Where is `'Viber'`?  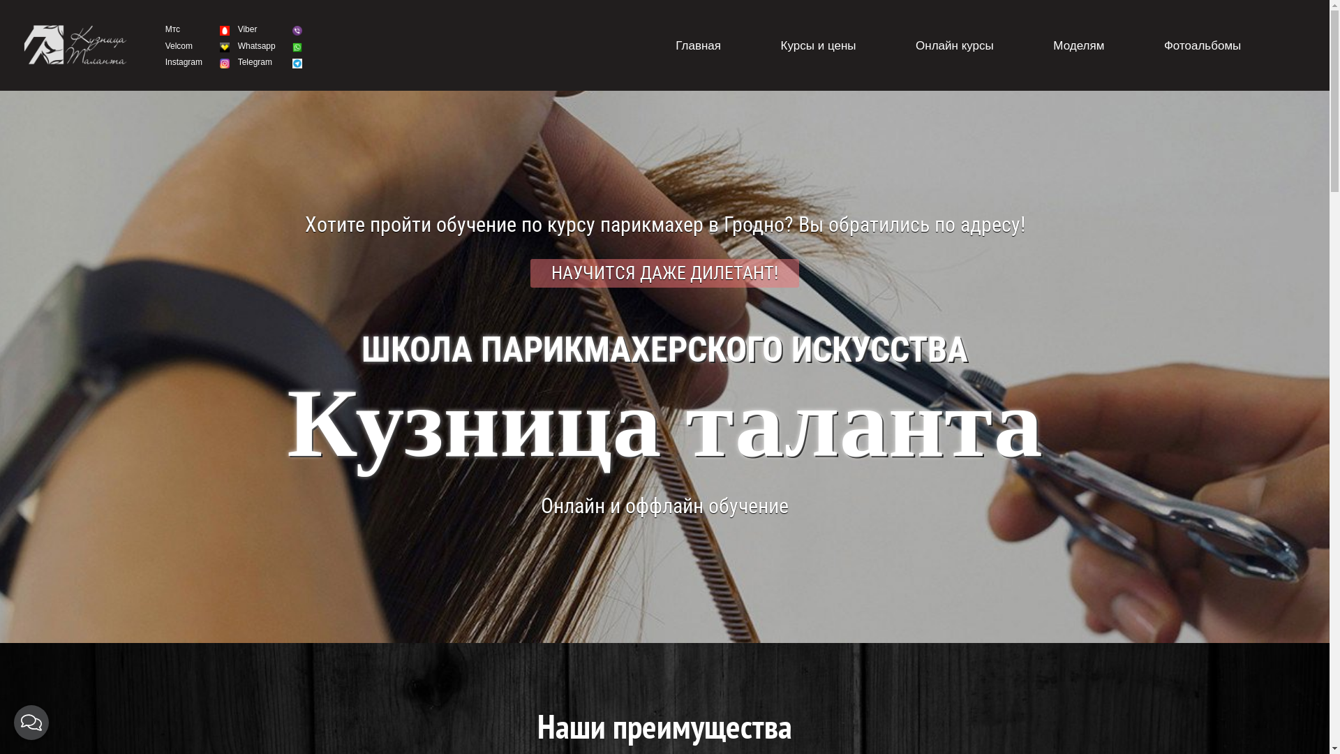
'Viber' is located at coordinates (248, 29).